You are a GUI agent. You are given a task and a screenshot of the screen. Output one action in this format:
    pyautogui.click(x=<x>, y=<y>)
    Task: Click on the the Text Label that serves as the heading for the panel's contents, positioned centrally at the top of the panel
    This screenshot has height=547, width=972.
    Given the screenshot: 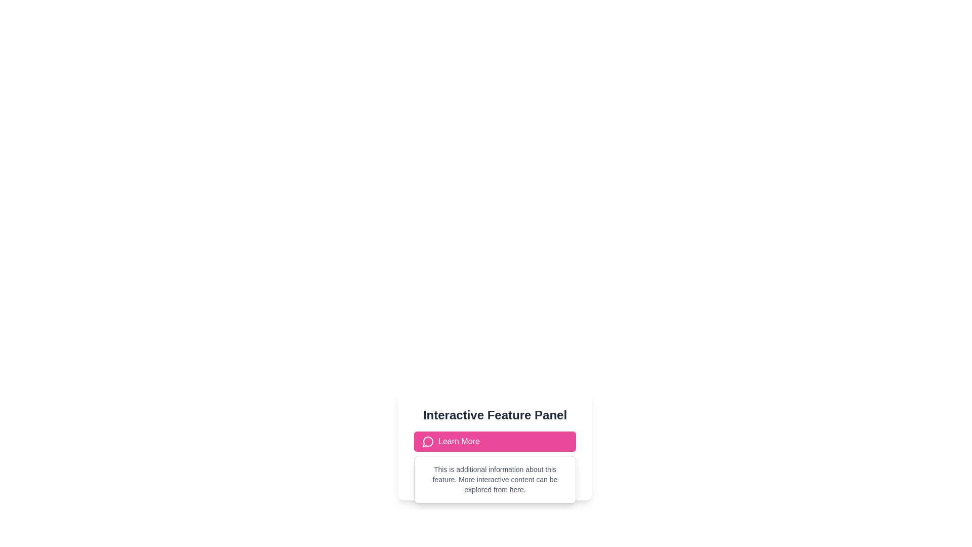 What is the action you would take?
    pyautogui.click(x=495, y=415)
    